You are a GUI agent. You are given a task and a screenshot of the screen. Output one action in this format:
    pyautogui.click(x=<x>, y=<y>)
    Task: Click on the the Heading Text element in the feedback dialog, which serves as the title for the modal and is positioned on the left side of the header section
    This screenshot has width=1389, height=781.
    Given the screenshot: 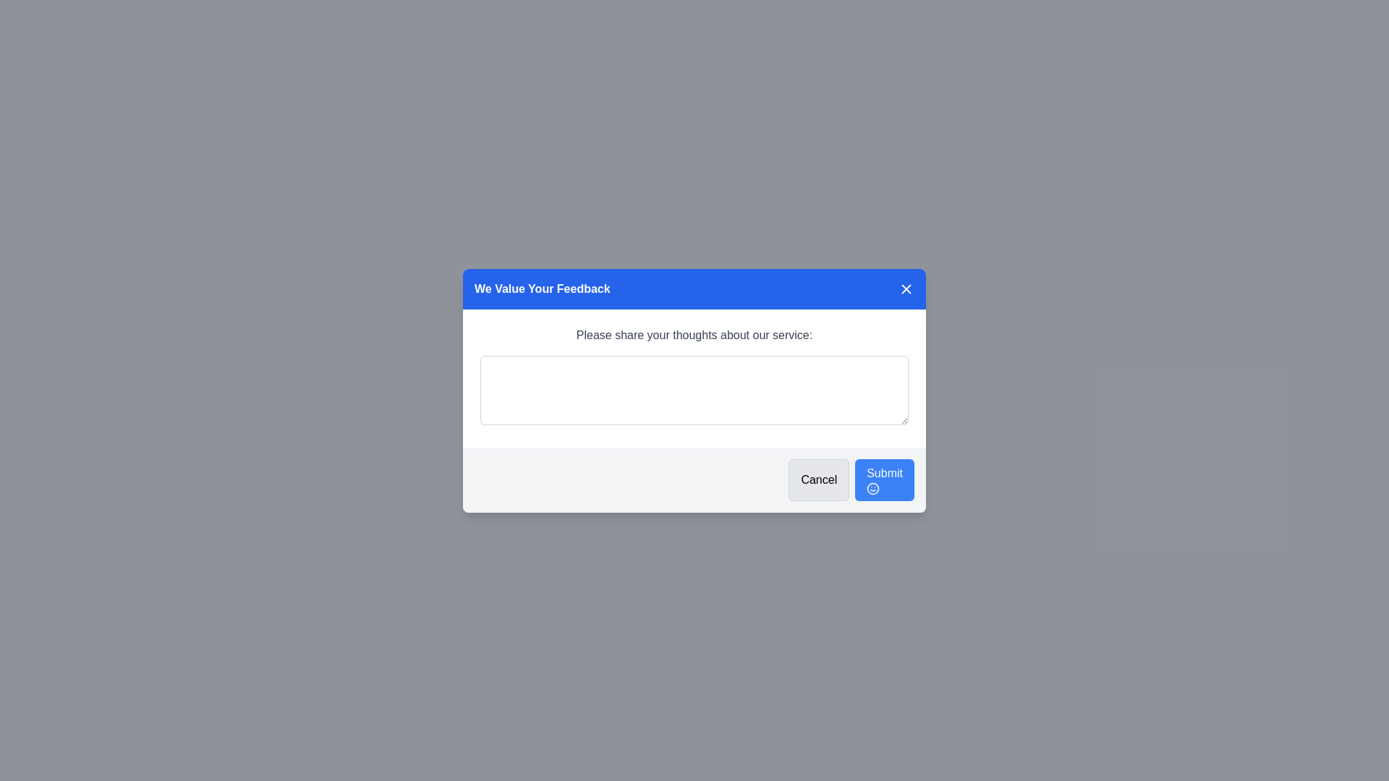 What is the action you would take?
    pyautogui.click(x=541, y=289)
    